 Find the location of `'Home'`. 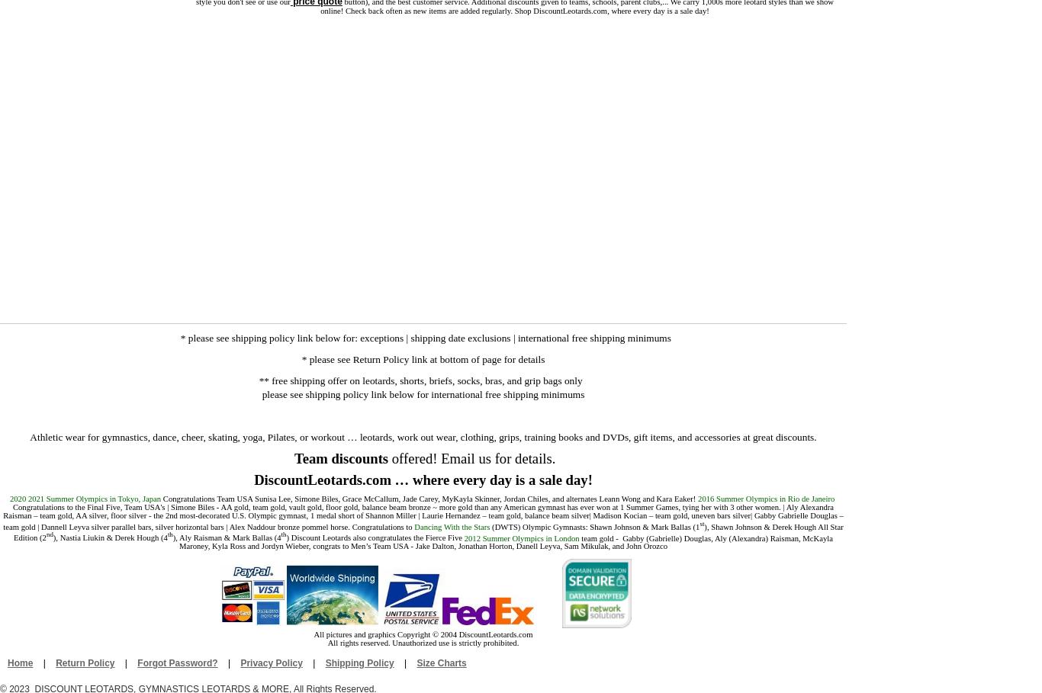

'Home' is located at coordinates (20, 663).